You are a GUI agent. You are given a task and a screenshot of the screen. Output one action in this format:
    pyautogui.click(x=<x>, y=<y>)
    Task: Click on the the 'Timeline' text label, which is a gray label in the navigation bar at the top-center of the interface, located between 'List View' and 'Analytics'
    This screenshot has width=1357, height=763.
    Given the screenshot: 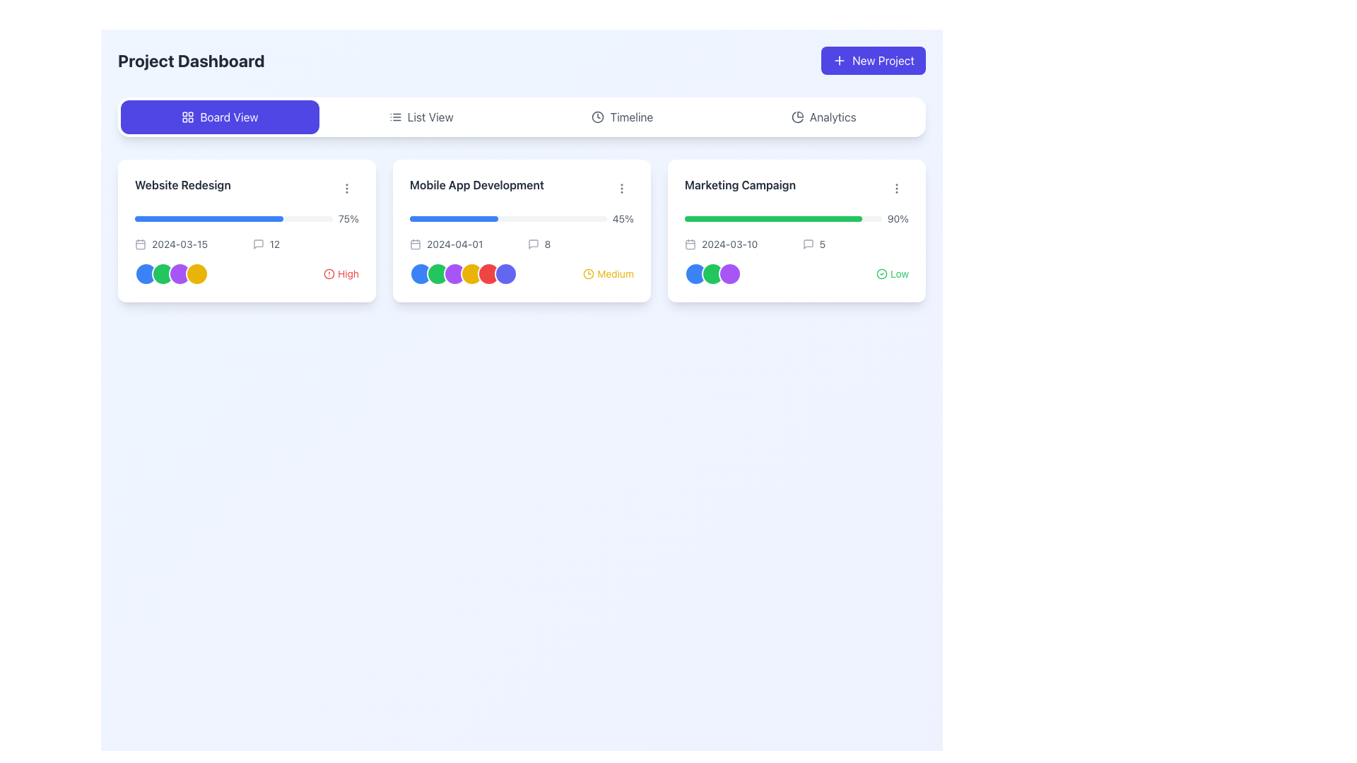 What is the action you would take?
    pyautogui.click(x=630, y=116)
    